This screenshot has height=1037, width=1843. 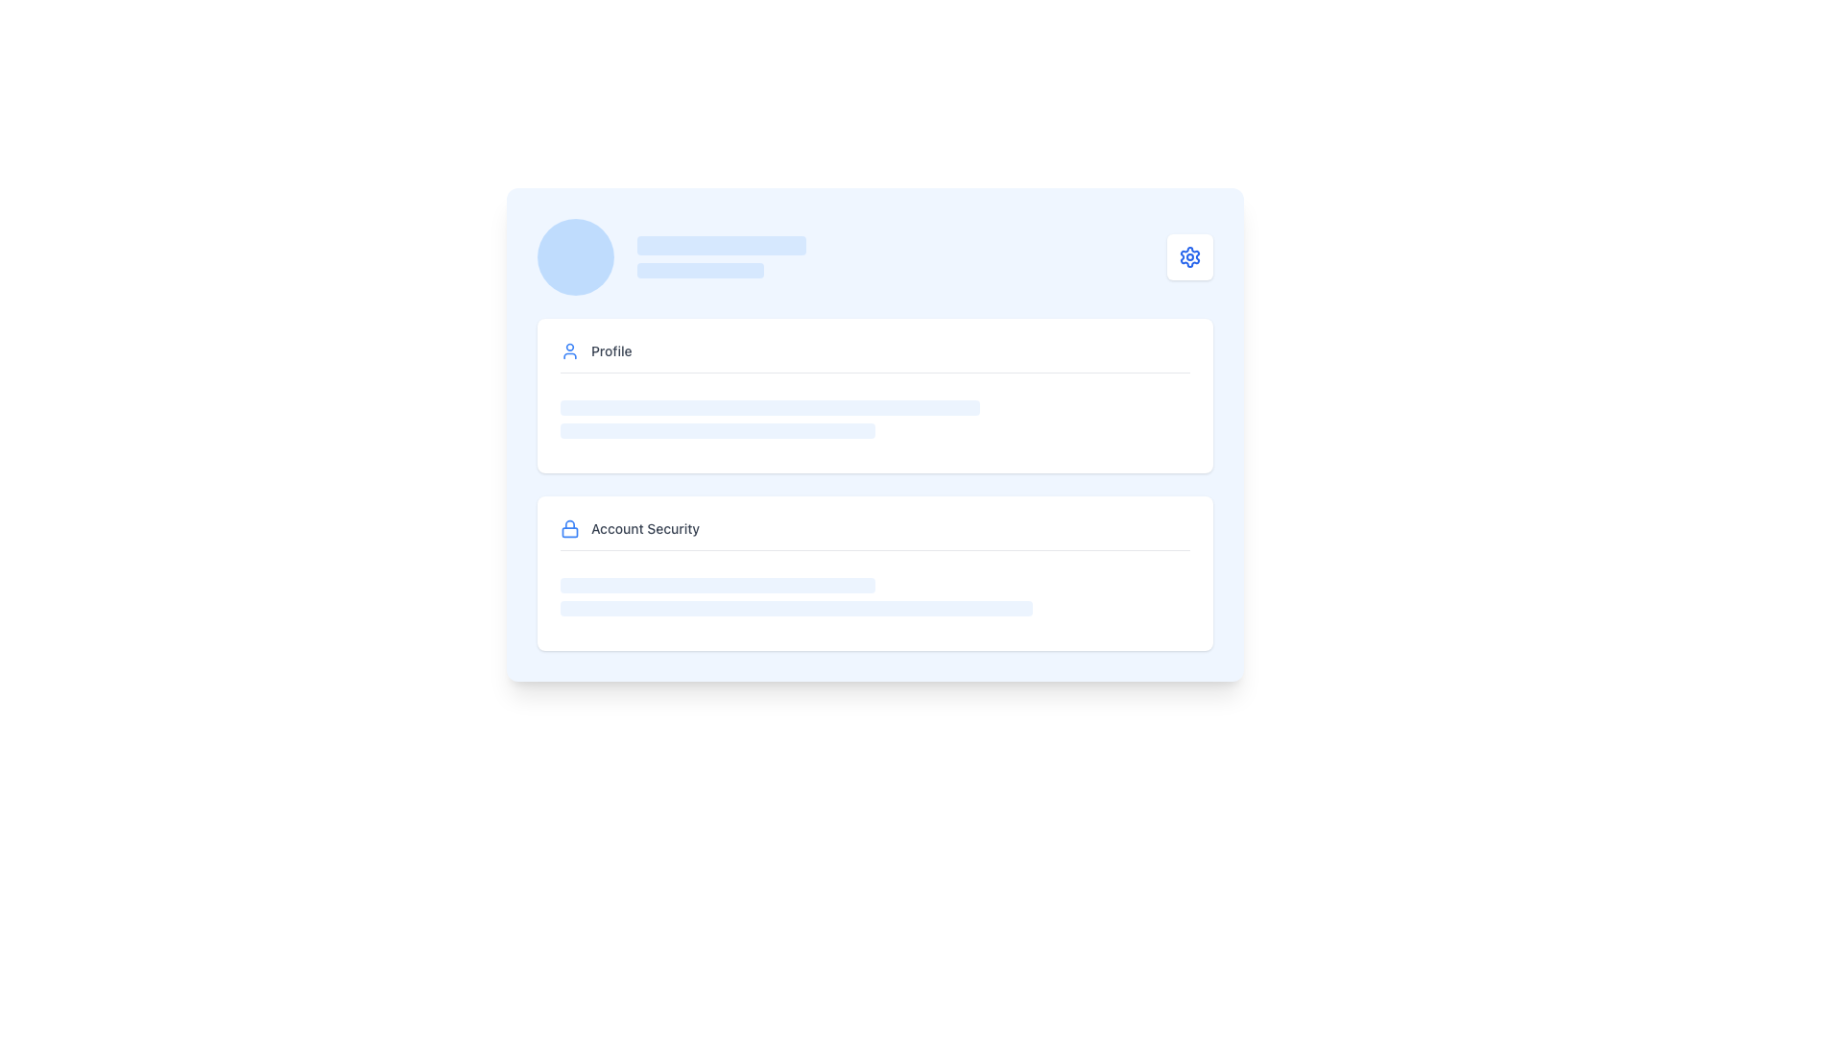 I want to click on the Skeleton loading placeholder, which is a light blue horizontal rectangle with rounded corners located beneath another similar rectangle in the 'Account Security' section, so click(x=797, y=608).